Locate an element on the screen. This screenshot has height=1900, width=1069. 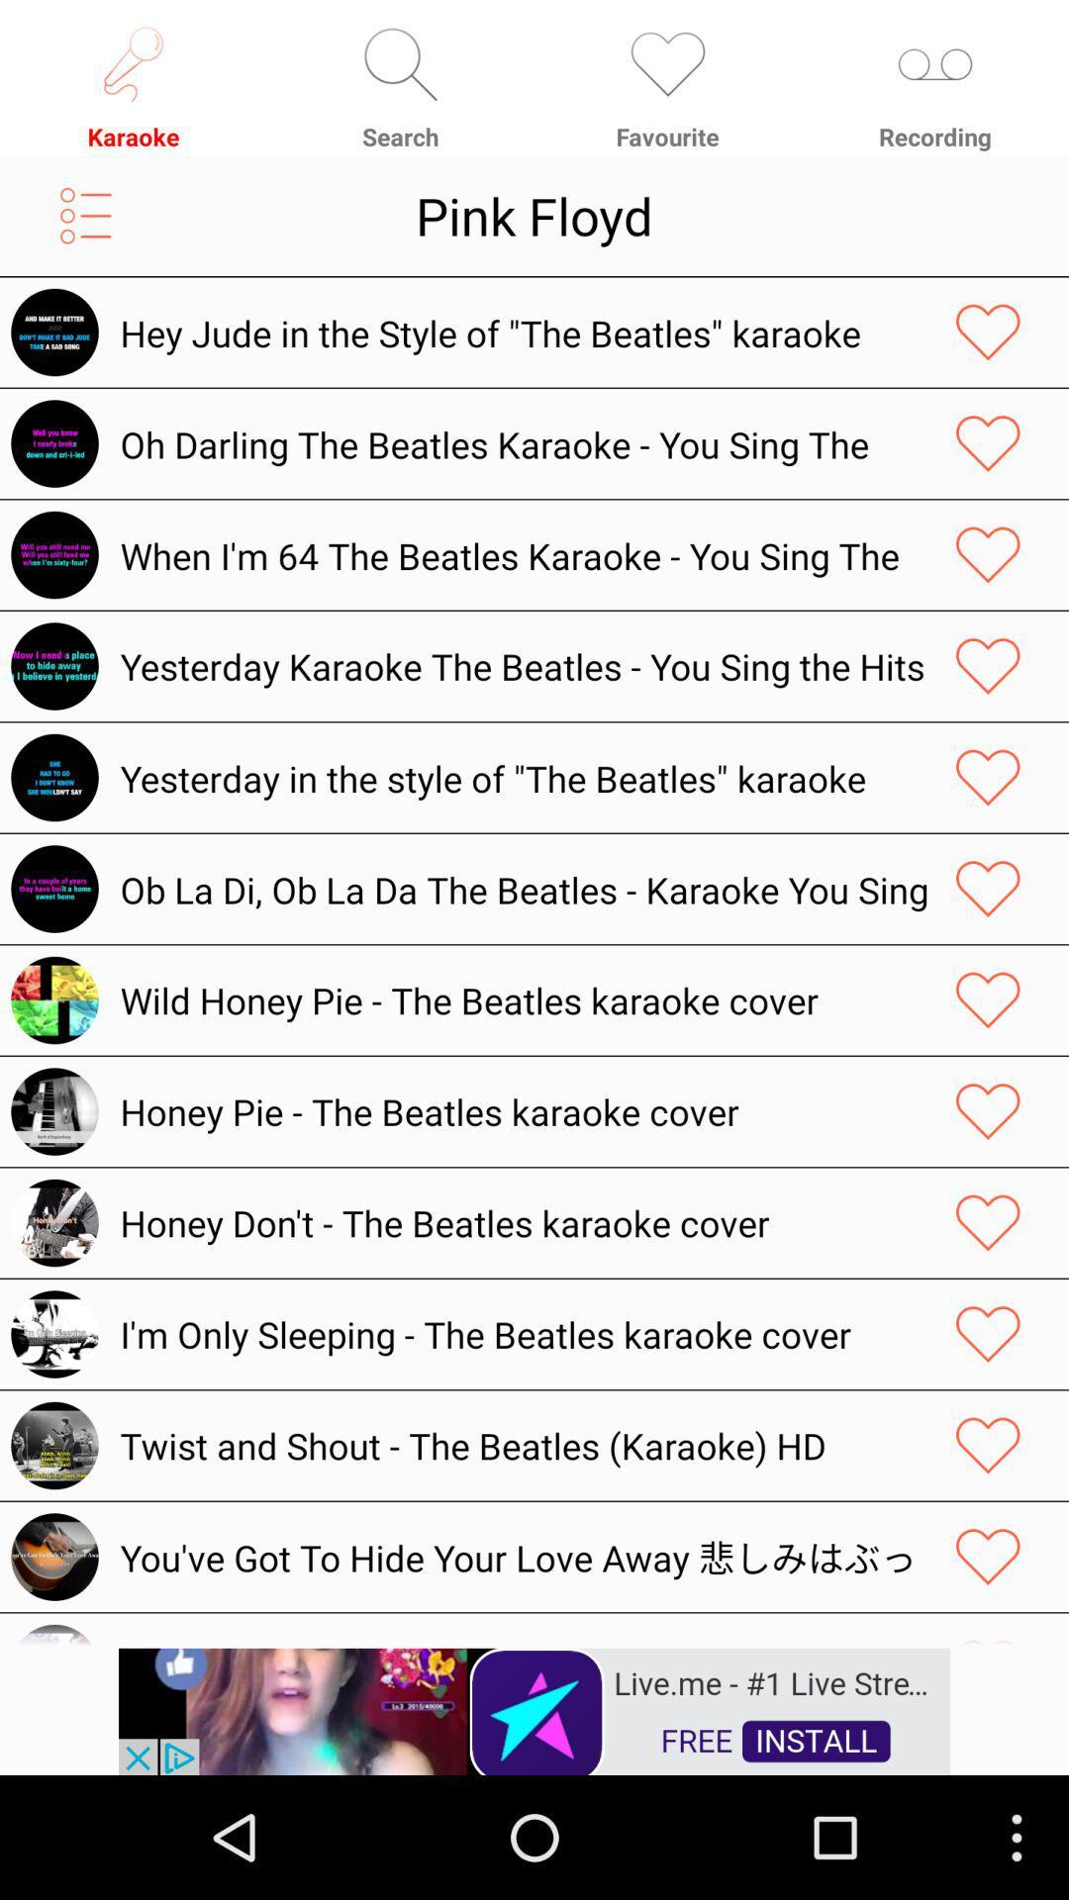
like to music is located at coordinates (988, 442).